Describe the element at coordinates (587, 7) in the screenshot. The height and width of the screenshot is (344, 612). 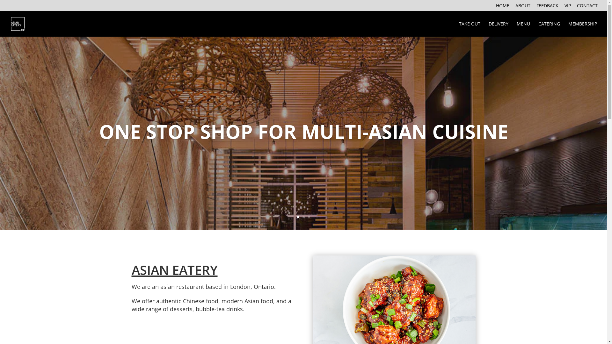
I see `'CONTACT'` at that location.